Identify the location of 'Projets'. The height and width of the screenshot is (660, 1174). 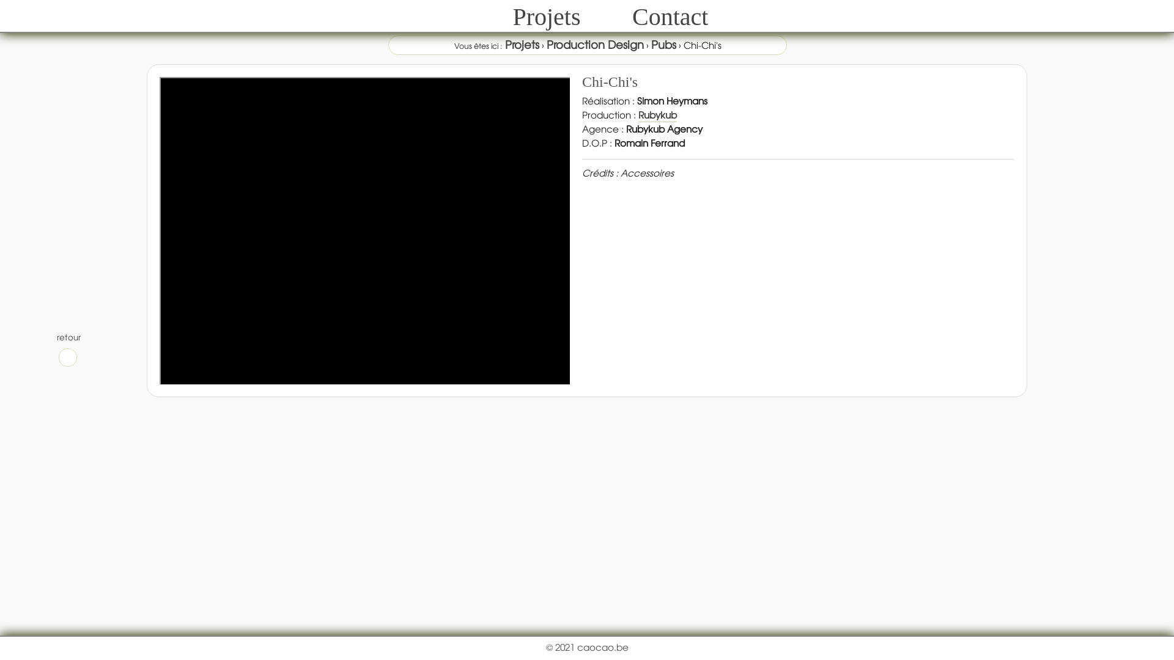
(545, 16).